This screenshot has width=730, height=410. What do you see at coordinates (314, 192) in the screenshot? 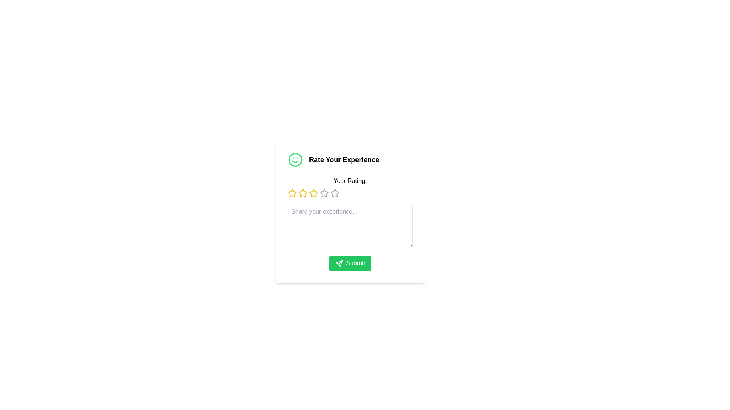
I see `the yellow star rating icon in the second position for keyboard interaction` at bounding box center [314, 192].